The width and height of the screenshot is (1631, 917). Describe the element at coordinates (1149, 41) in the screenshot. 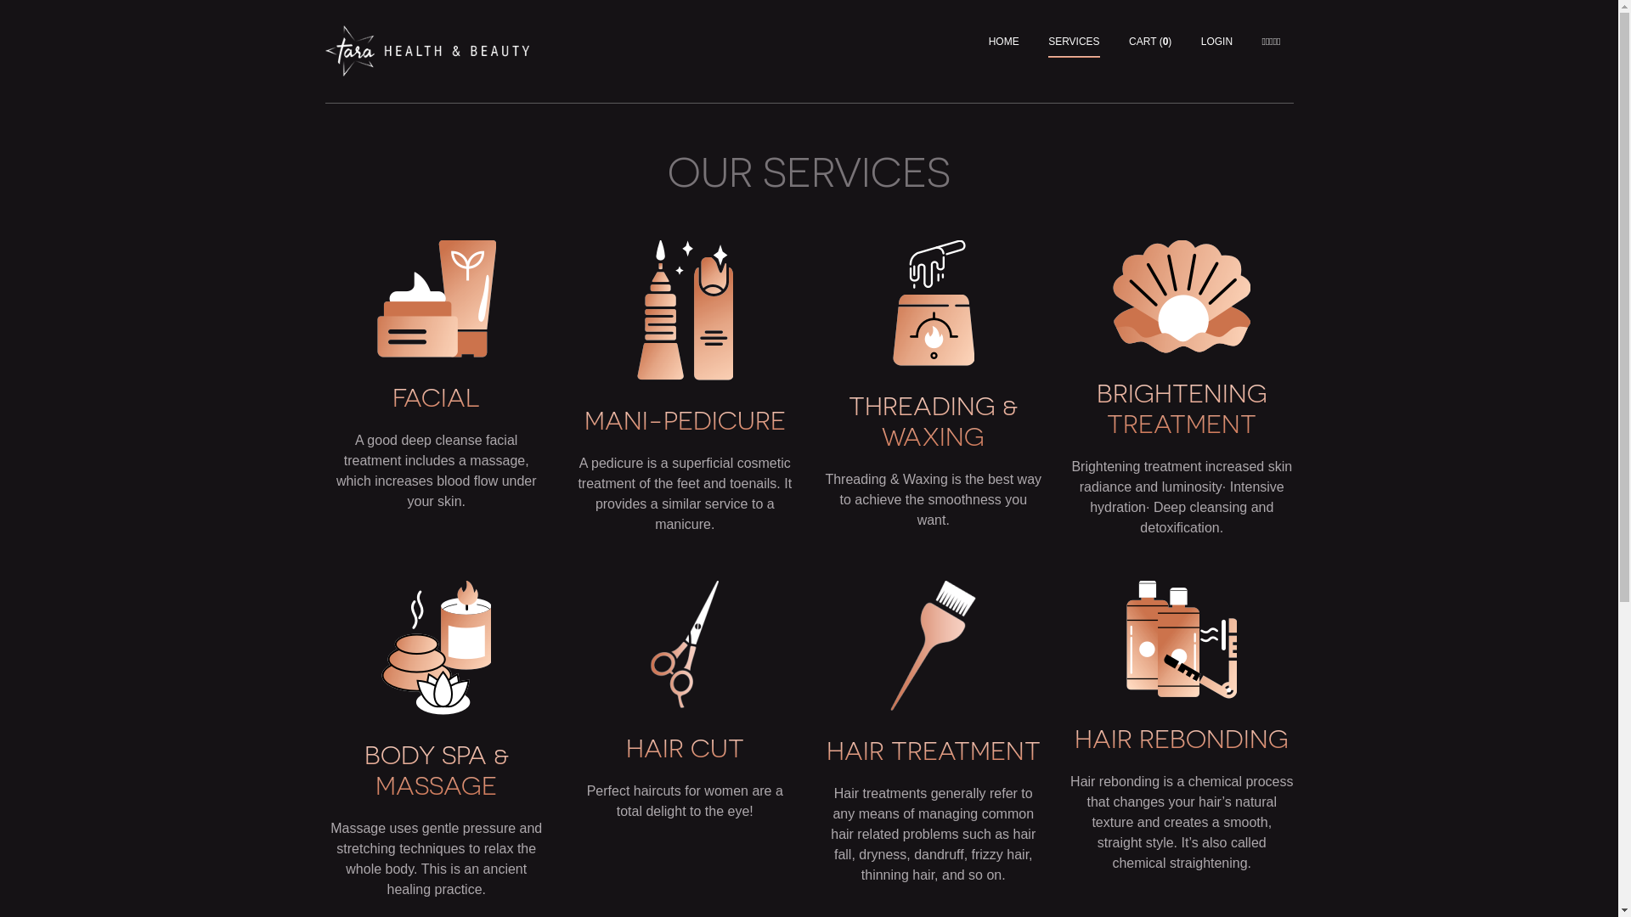

I see `'CART (0)'` at that location.